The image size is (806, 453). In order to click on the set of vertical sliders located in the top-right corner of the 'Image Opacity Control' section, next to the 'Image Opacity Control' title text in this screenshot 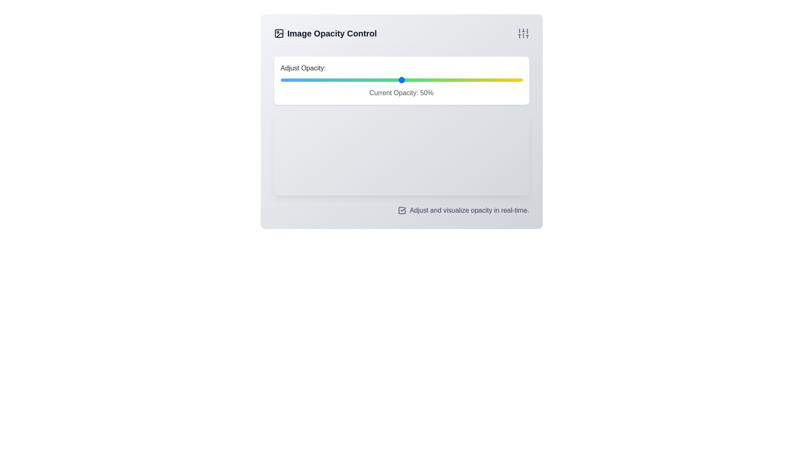, I will do `click(523, 33)`.